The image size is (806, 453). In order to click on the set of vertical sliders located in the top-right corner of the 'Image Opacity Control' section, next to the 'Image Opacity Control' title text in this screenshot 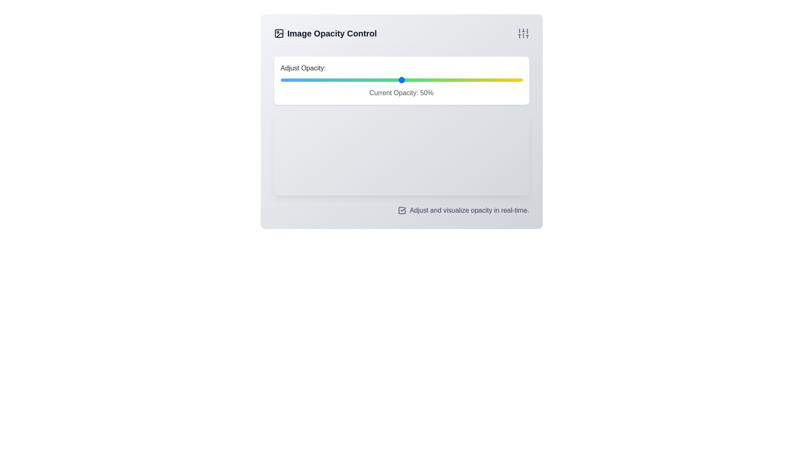, I will do `click(523, 33)`.